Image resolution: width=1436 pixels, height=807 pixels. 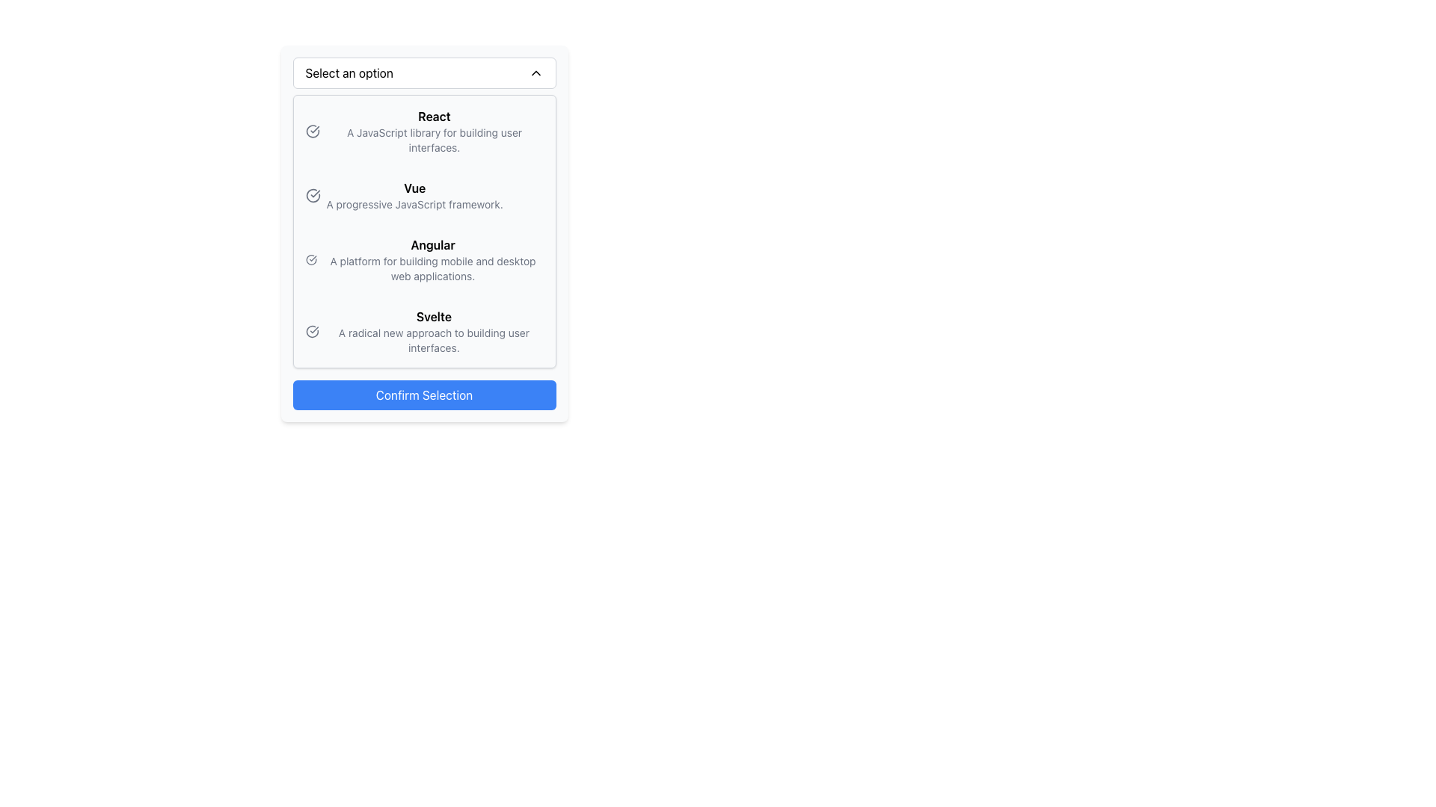 What do you see at coordinates (312, 195) in the screenshot?
I see `the selection indicator checkmark icon` at bounding box center [312, 195].